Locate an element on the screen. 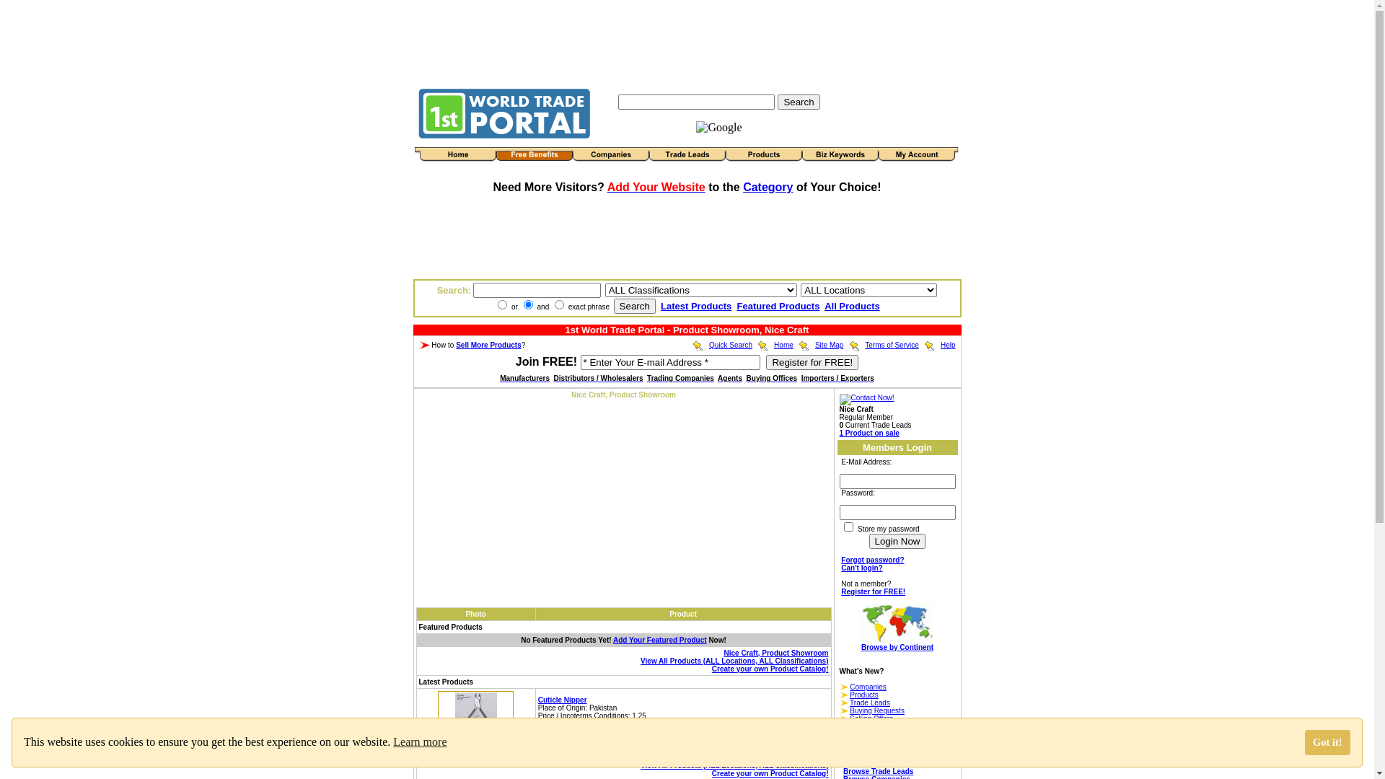 This screenshot has width=1385, height=779. 'Home' is located at coordinates (783, 345).